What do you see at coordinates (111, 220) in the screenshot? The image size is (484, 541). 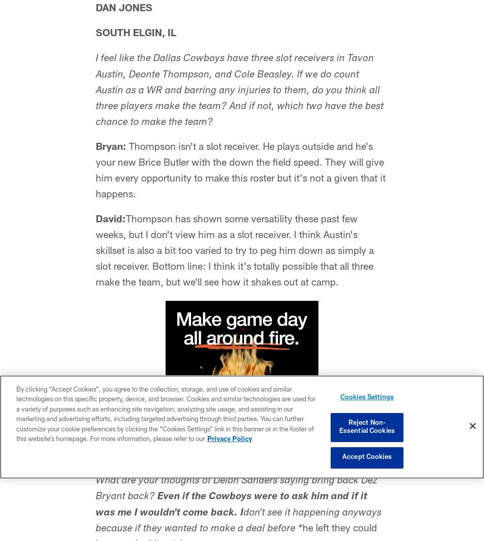 I see `'David:'` at bounding box center [111, 220].